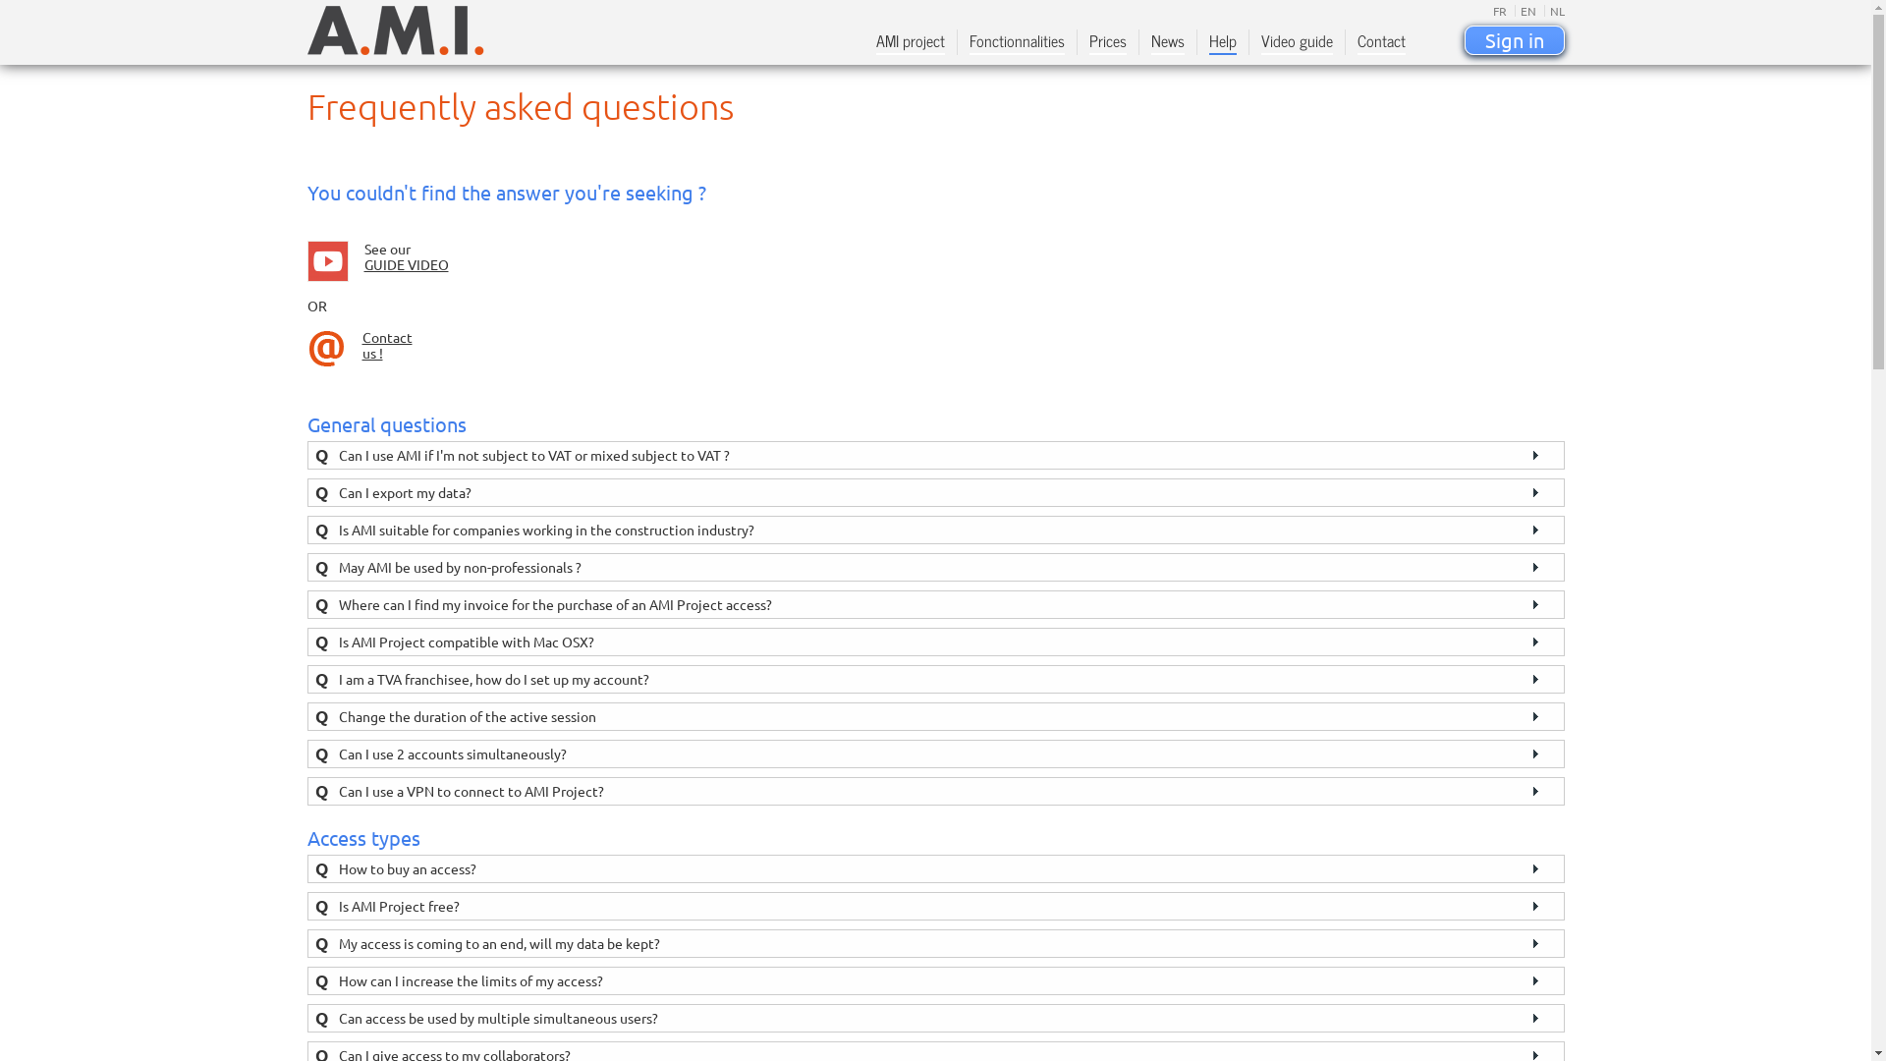  Describe the element at coordinates (933, 567) in the screenshot. I see `'Q May AMI be used by non-professionals ?'` at that location.